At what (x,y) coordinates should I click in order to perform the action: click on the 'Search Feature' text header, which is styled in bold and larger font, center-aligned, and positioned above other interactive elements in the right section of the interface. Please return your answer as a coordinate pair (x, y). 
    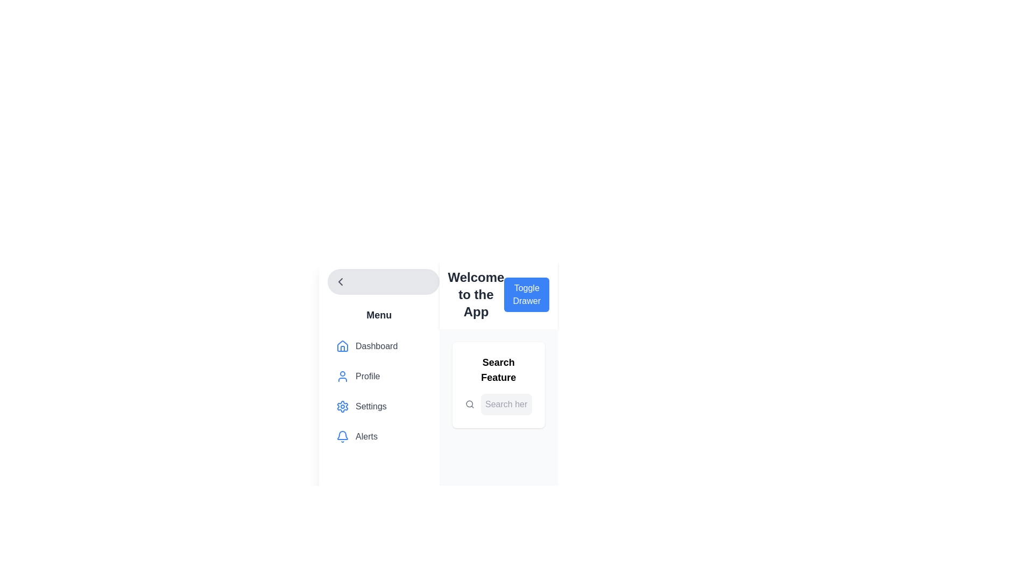
    Looking at the image, I should click on (498, 369).